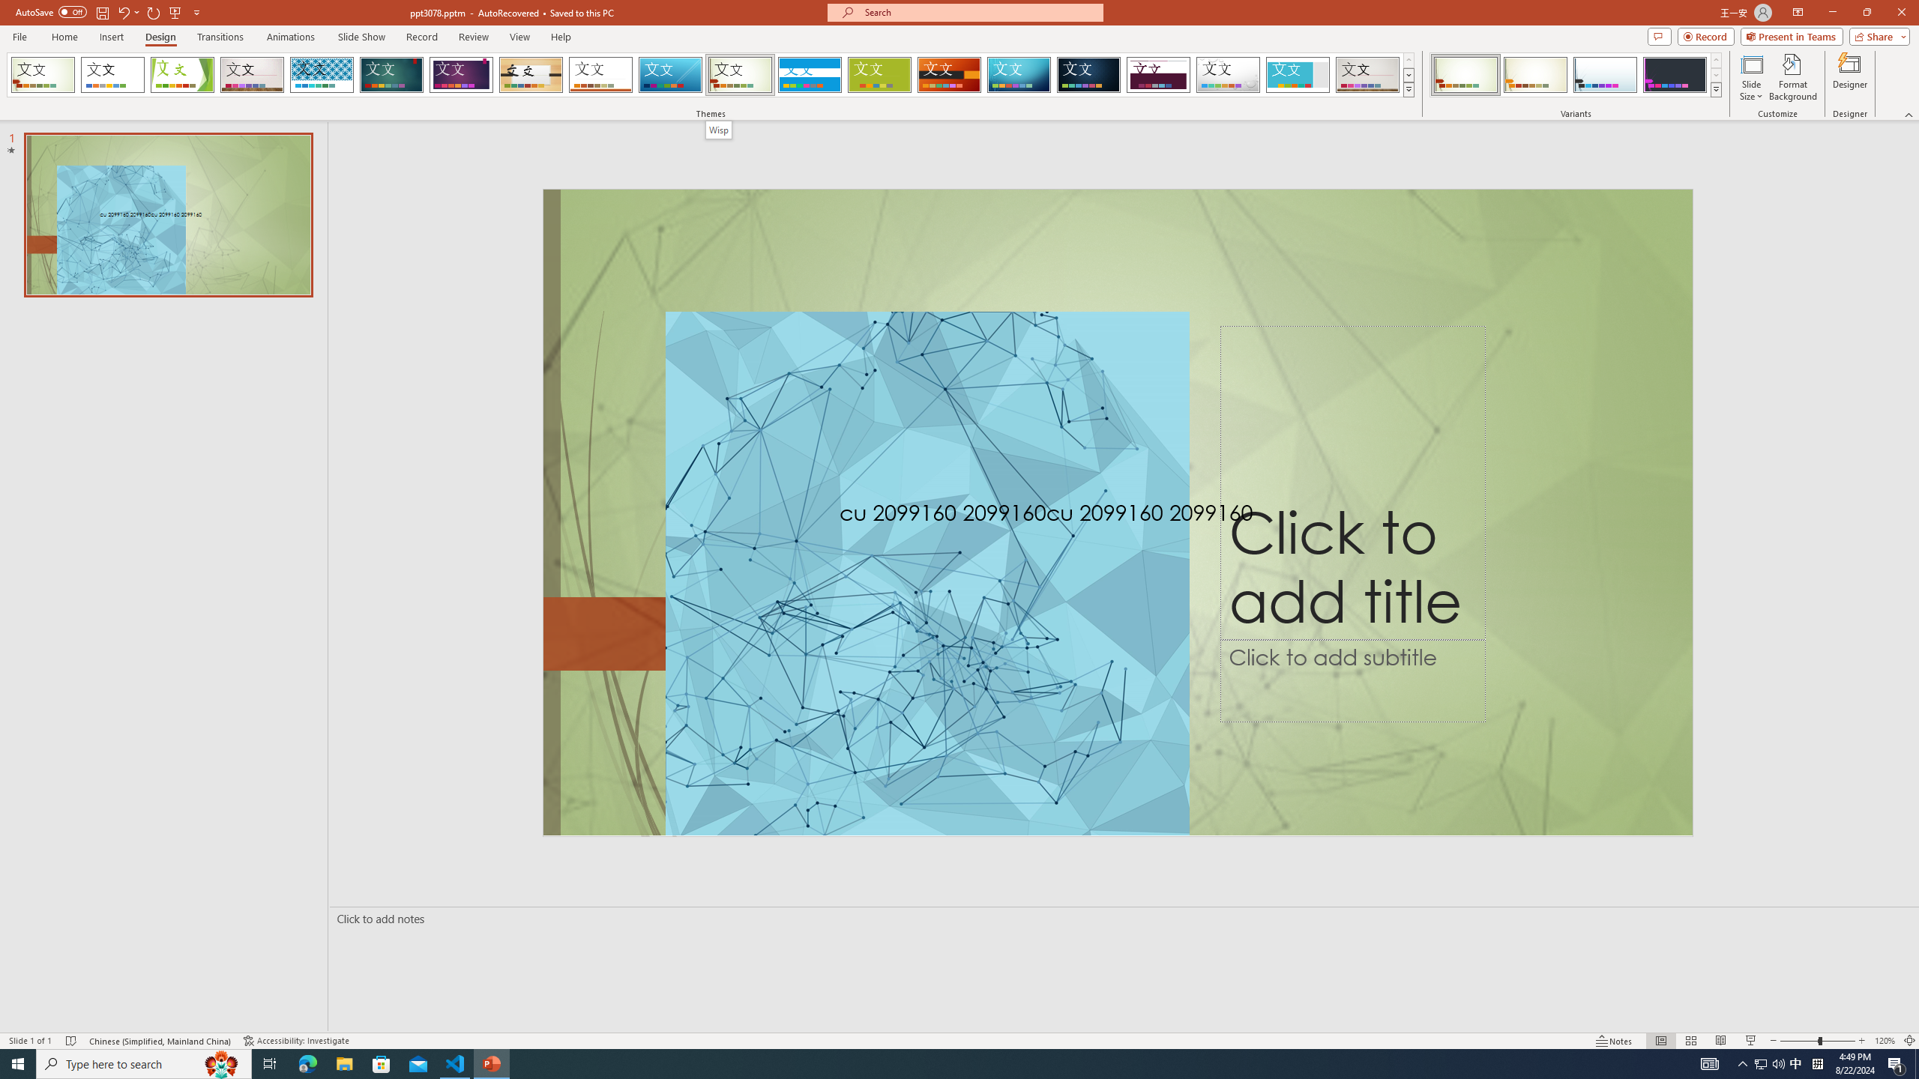 The width and height of the screenshot is (1919, 1079). Describe the element at coordinates (1659, 35) in the screenshot. I see `'Comments'` at that location.